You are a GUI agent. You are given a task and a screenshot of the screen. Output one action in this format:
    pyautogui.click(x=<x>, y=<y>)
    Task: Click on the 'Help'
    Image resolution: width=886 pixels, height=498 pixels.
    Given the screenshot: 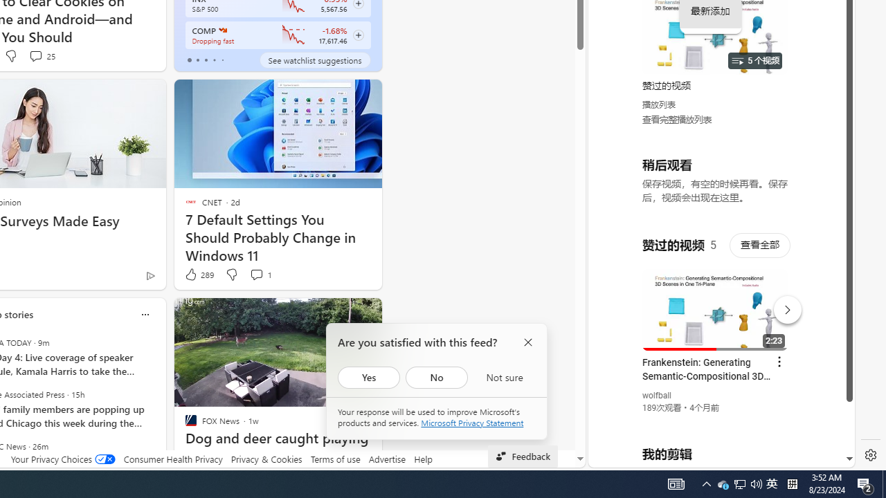 What is the action you would take?
    pyautogui.click(x=422, y=459)
    